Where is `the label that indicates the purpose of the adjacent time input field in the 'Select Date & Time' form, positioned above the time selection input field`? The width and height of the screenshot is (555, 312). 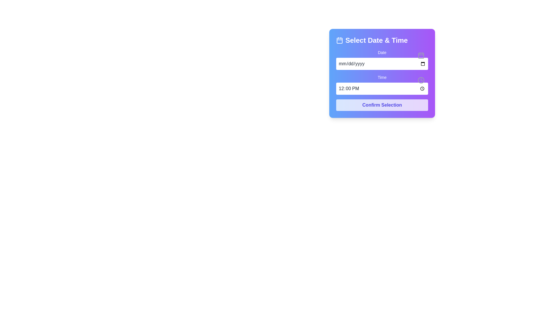
the label that indicates the purpose of the adjacent time input field in the 'Select Date & Time' form, positioned above the time selection input field is located at coordinates (382, 77).